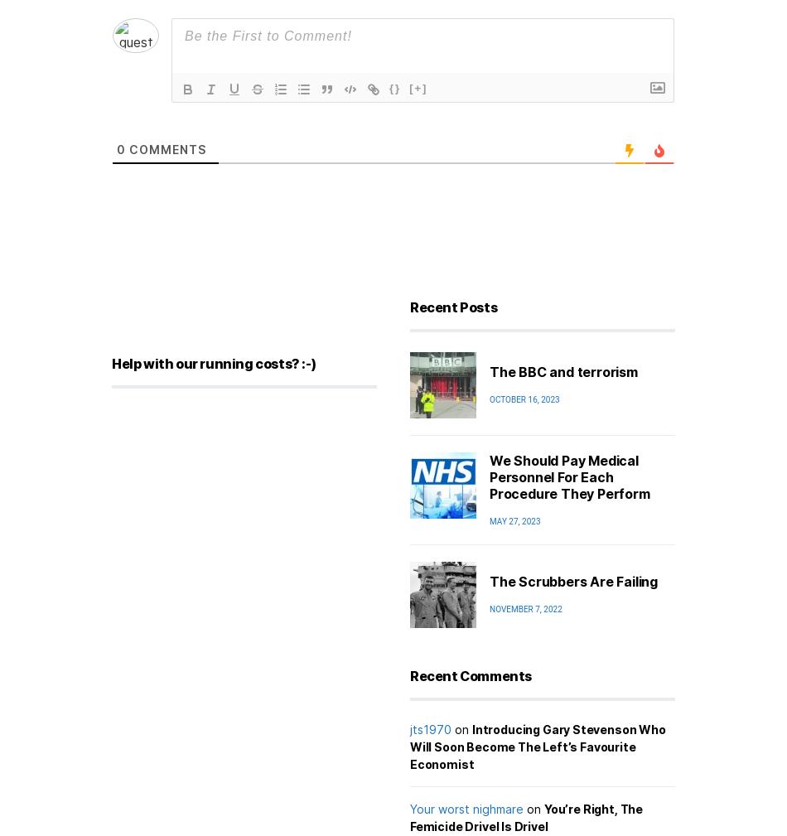 This screenshot has width=787, height=836. What do you see at coordinates (525, 609) in the screenshot?
I see `'November 7, 2022'` at bounding box center [525, 609].